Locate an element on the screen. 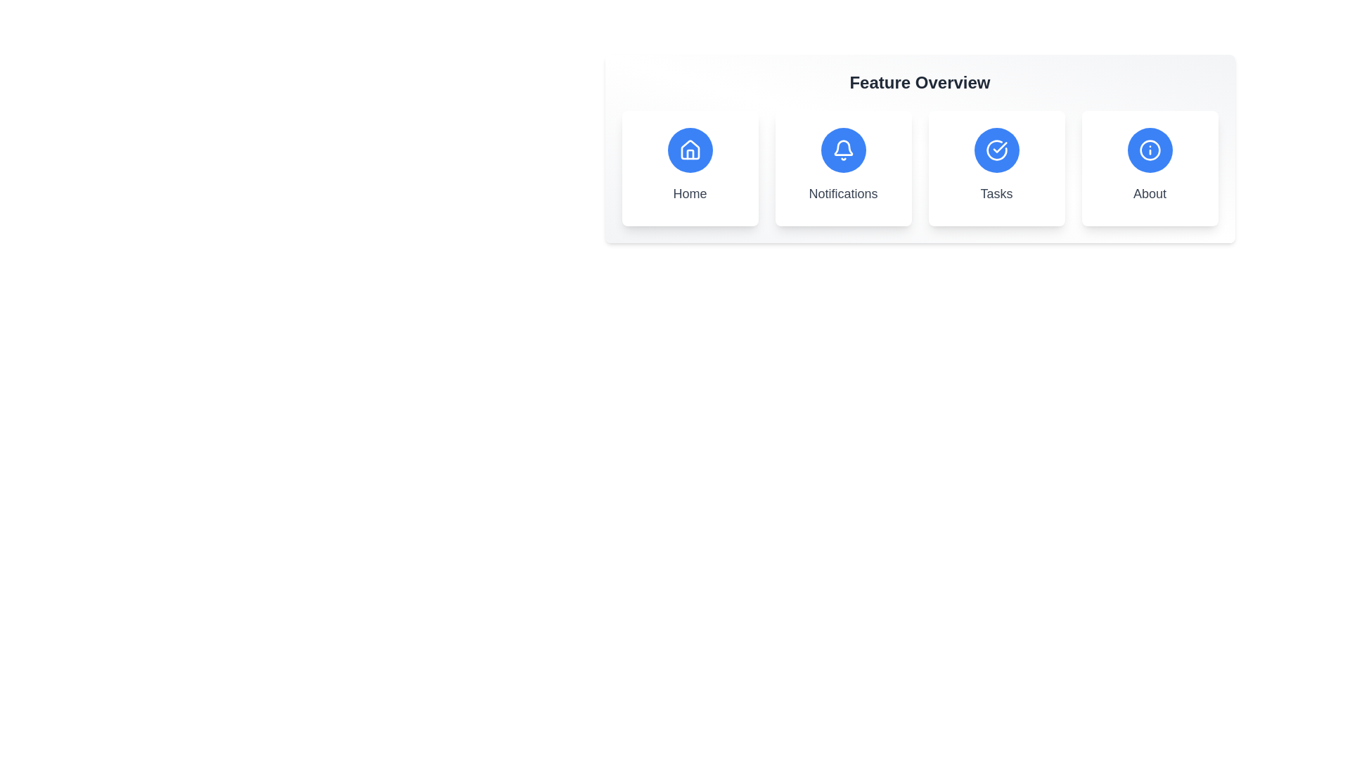 The width and height of the screenshot is (1350, 759). the 'Home' interactive icon button located on the leftmost side under the 'Feature Overview' header is located at coordinates (690, 150).